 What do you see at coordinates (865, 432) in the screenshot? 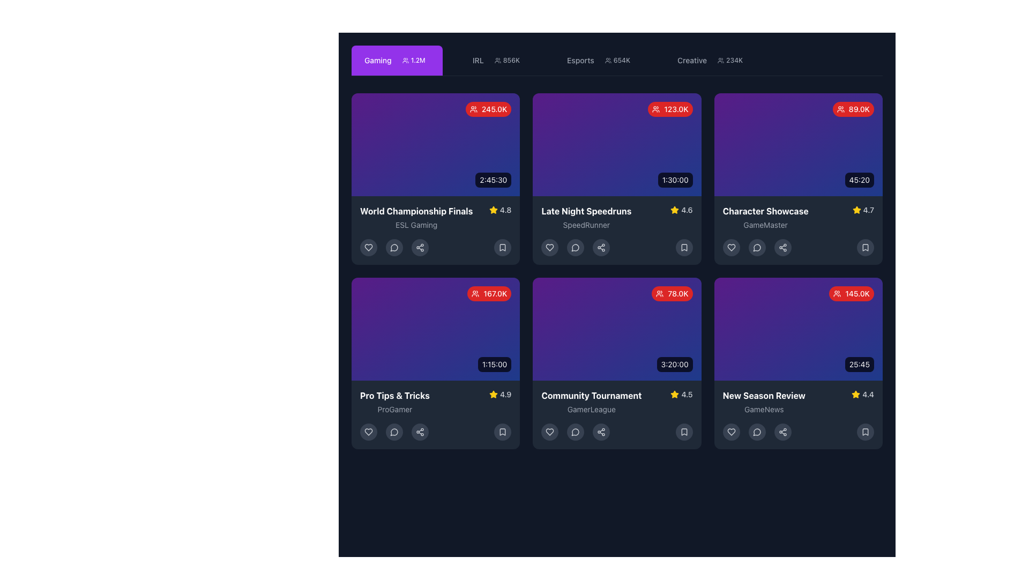
I see `the bookmark button located at the bottom-right corner of the 'New Season Review' card` at bounding box center [865, 432].